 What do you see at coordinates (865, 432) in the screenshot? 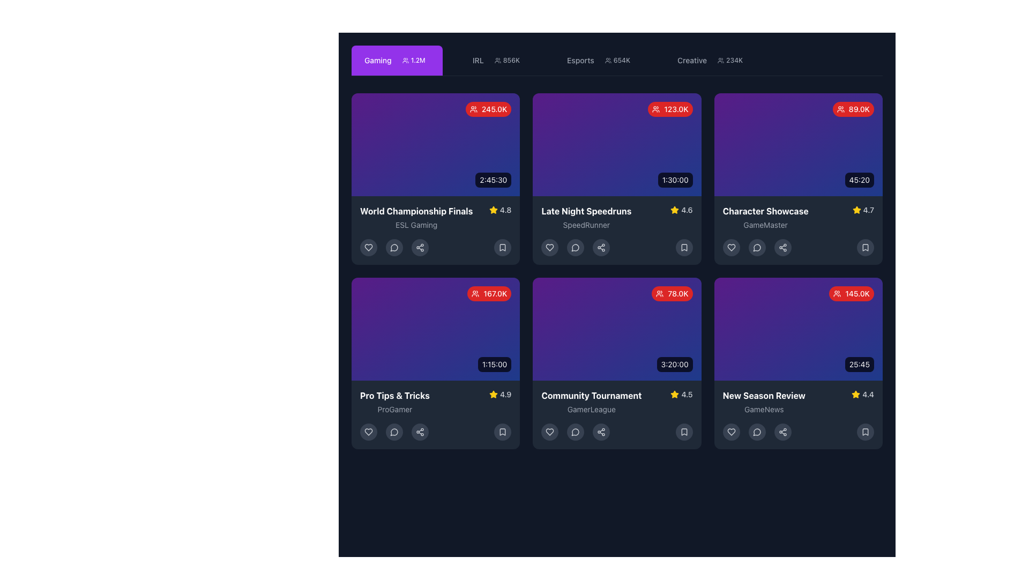
I see `the bookmark button located at the bottom-right corner of the 'New Season Review' card` at bounding box center [865, 432].